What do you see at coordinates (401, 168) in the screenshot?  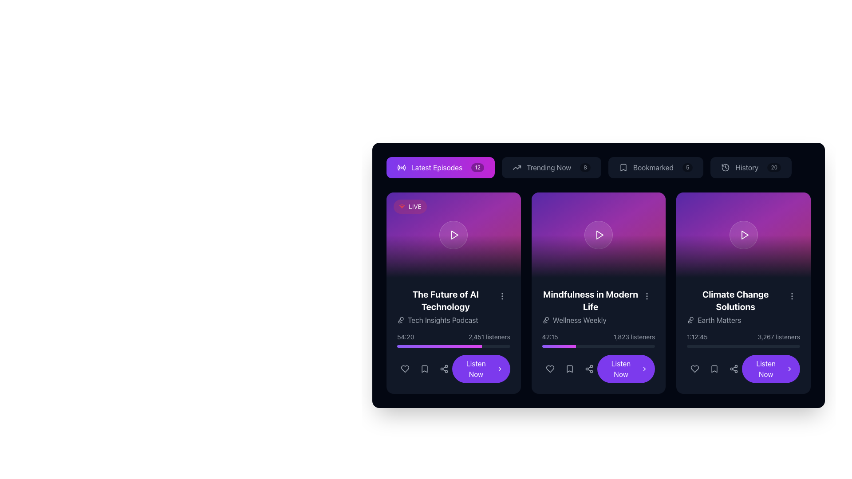 I see `the circular purple radio signal icon located at the far left of the 'Latest Episodes' button` at bounding box center [401, 168].